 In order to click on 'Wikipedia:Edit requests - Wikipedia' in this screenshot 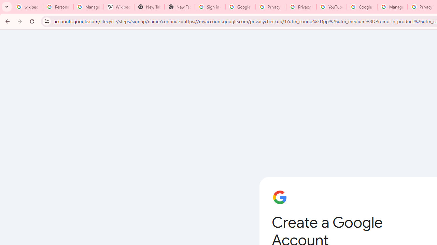, I will do `click(119, 7)`.